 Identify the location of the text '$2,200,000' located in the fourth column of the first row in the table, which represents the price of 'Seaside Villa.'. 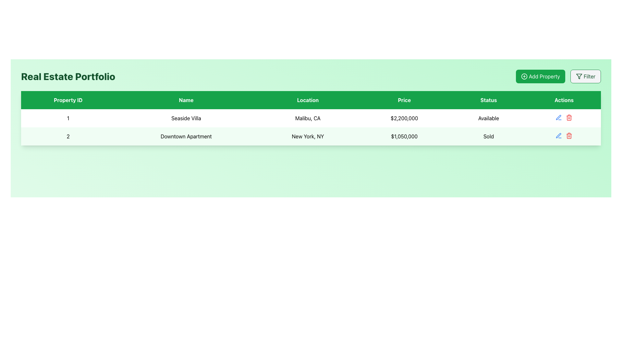
(404, 118).